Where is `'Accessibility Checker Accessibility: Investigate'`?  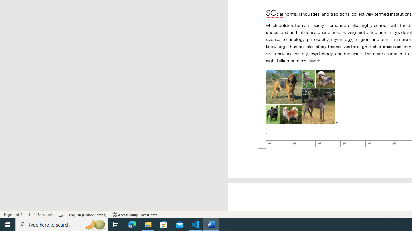
'Accessibility Checker Accessibility: Investigate' is located at coordinates (135, 215).